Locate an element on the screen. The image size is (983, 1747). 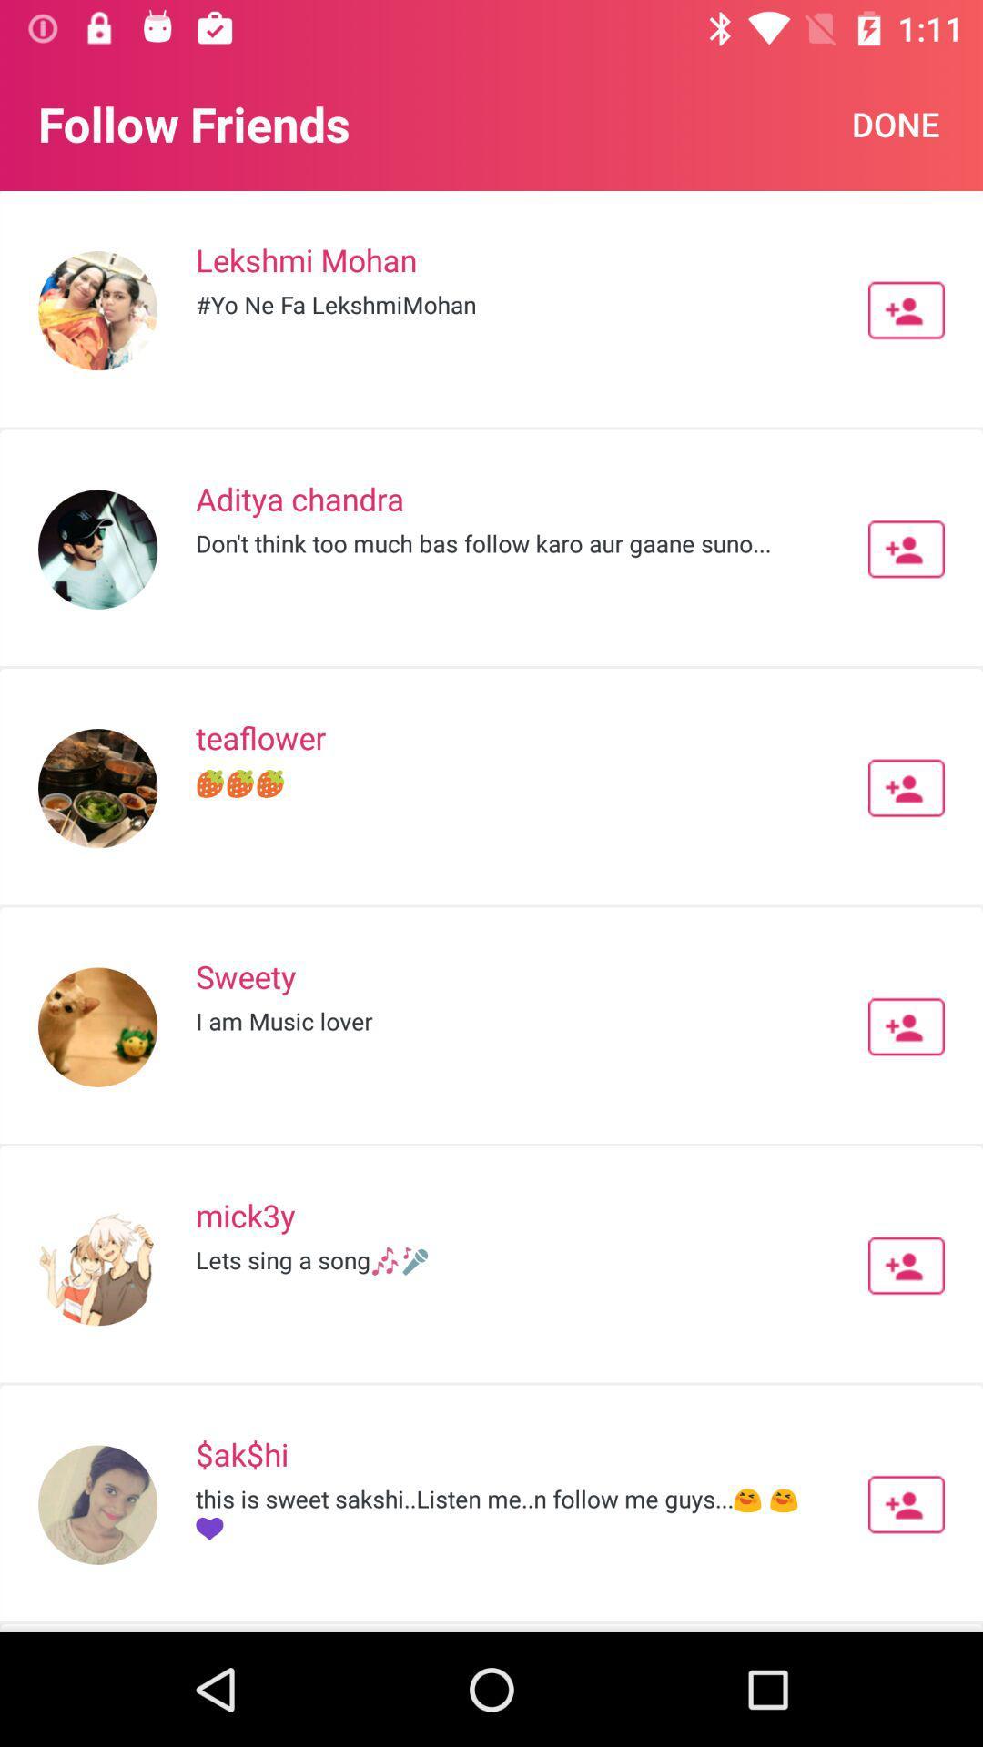
follow this friend is located at coordinates (906, 310).